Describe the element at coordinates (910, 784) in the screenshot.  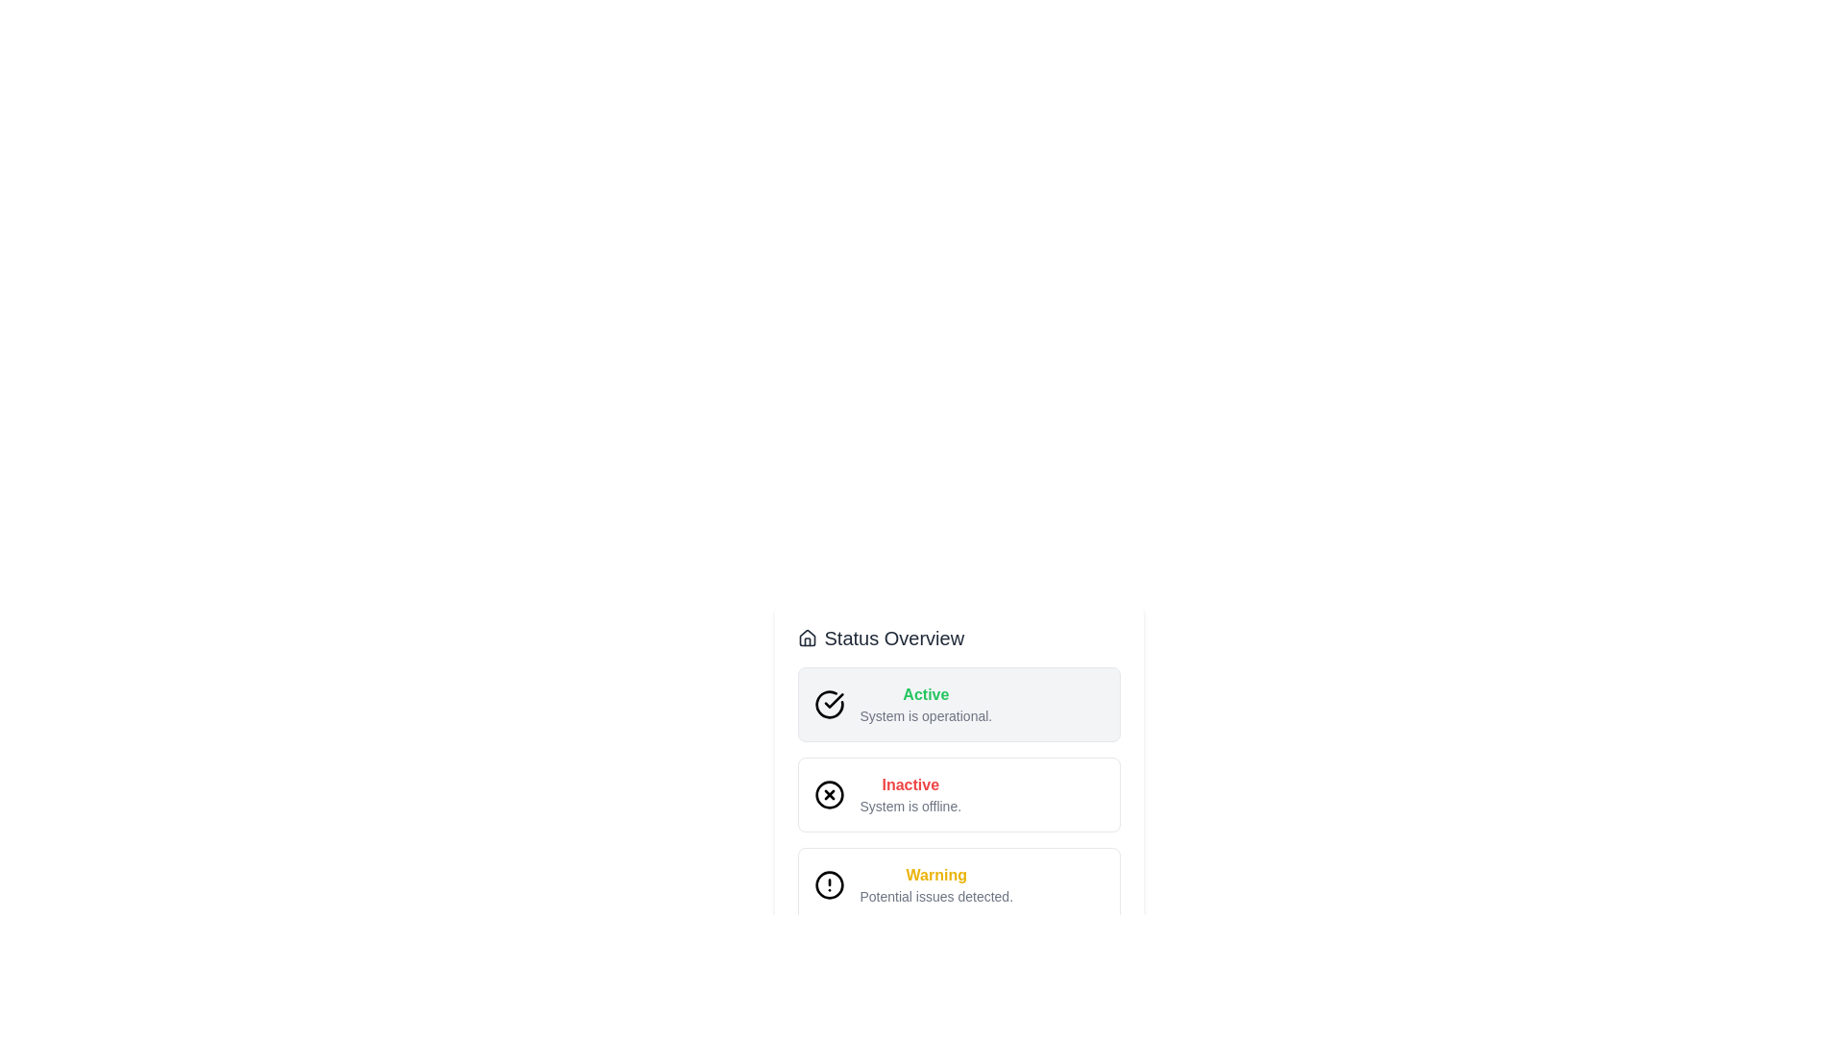
I see `status text label indicating that the system status is inactive or offline, located below the 'Active' section and above the 'Warning' section` at that location.